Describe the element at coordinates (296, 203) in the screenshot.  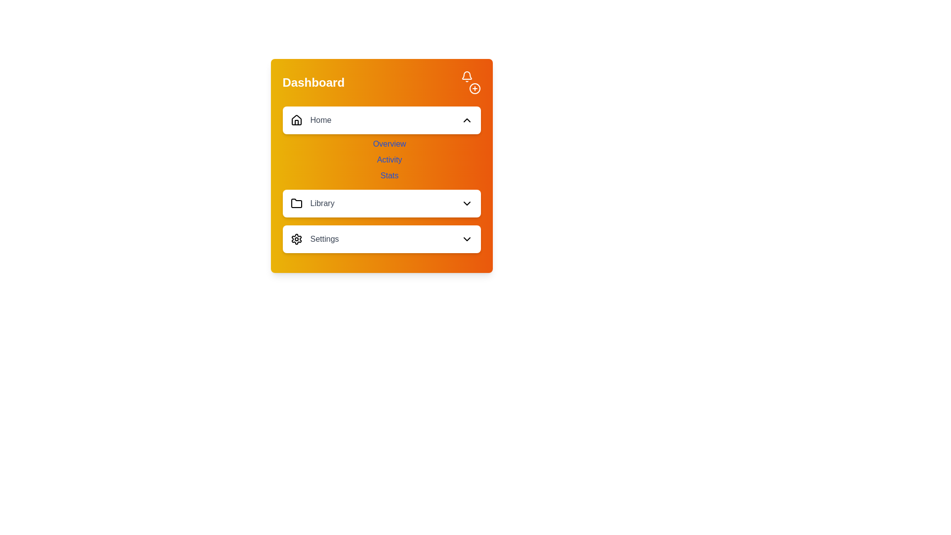
I see `the folder icon representing the 'Library' menu option, which is located to the left of the text label 'Library'` at that location.